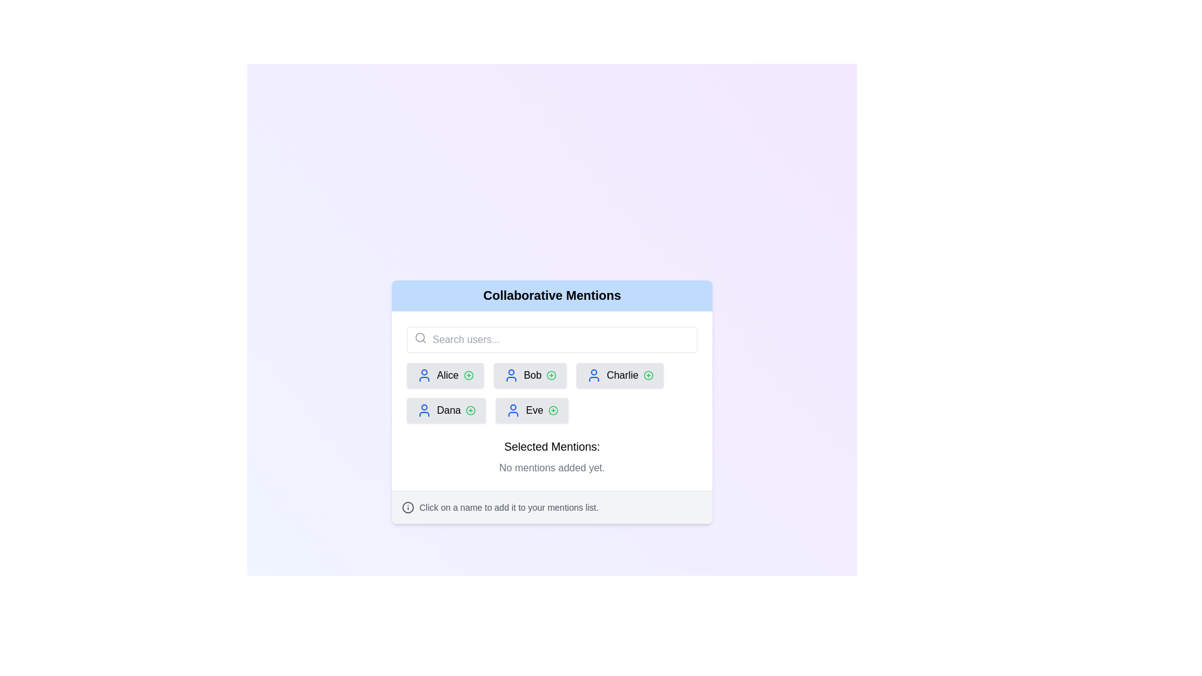 The image size is (1202, 676). Describe the element at coordinates (420, 336) in the screenshot. I see `the decorative SVG graphic component within the magnifying glass icon in the search bar located at the top-left corner of the input field in the Collaborative Mentions interface` at that location.